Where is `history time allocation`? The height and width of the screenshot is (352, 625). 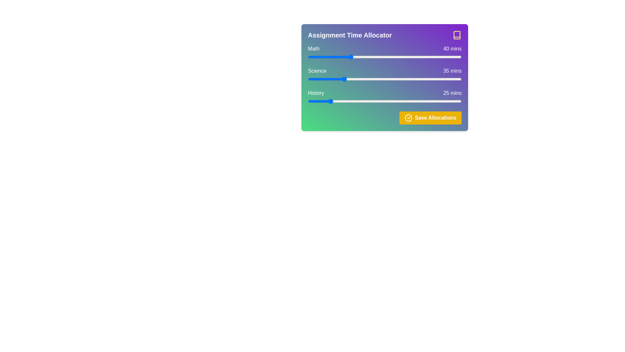 history time allocation is located at coordinates (402, 101).